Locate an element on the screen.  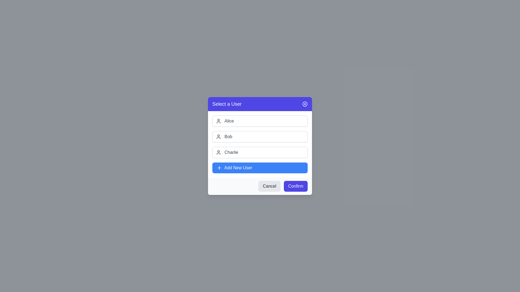
the plus sign icon with a blue background located at the center-left of the 'Add New User' button is located at coordinates (219, 168).